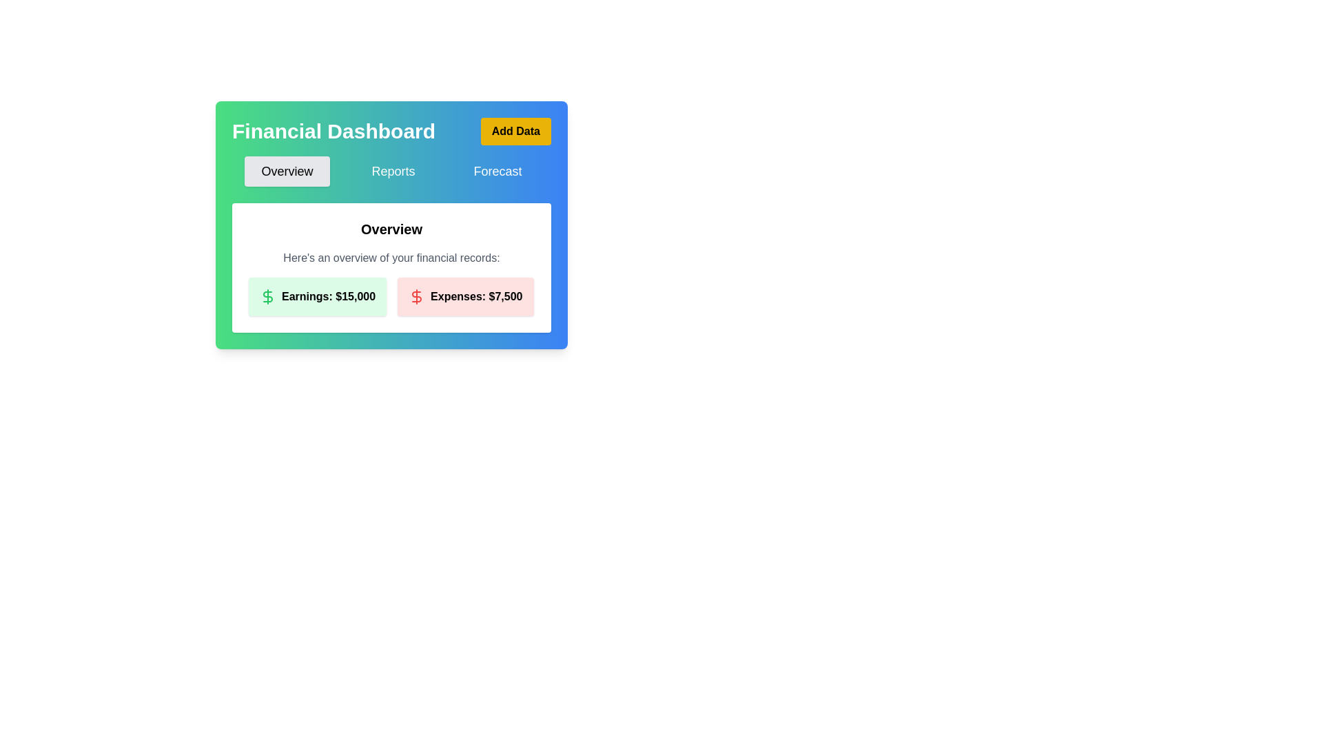 This screenshot has height=744, width=1323. I want to click on the text block that contains the phrase 'Here's an overview of your financial records:' which is styled in grayish font and located under the bold heading 'Overview', so click(391, 258).